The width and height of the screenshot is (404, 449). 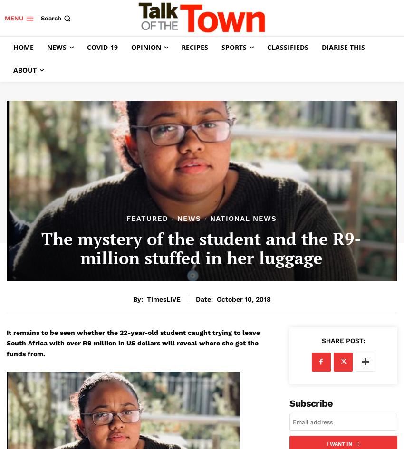 What do you see at coordinates (343, 340) in the screenshot?
I see `'Share post:'` at bounding box center [343, 340].